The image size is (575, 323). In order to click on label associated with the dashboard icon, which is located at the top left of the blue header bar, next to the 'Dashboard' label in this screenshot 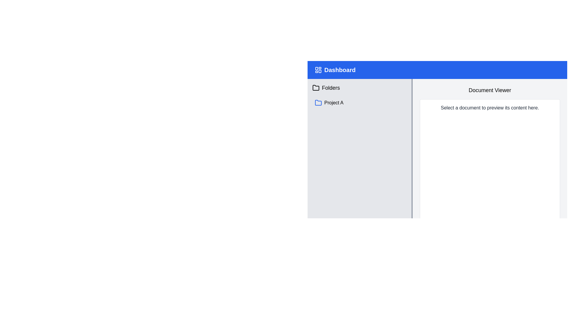, I will do `click(318, 70)`.